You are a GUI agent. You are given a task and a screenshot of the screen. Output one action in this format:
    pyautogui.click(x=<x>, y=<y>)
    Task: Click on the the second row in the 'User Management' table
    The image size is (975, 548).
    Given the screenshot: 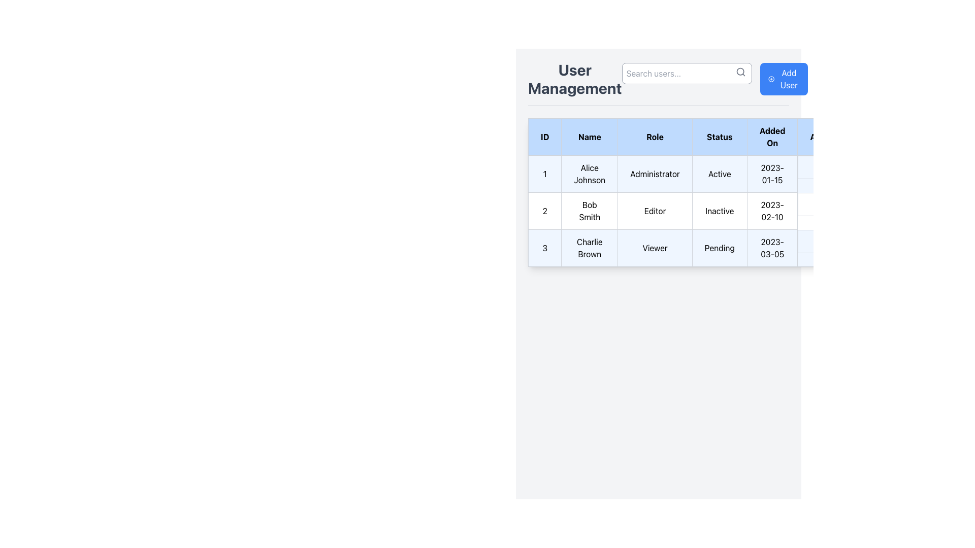 What is the action you would take?
    pyautogui.click(x=690, y=211)
    